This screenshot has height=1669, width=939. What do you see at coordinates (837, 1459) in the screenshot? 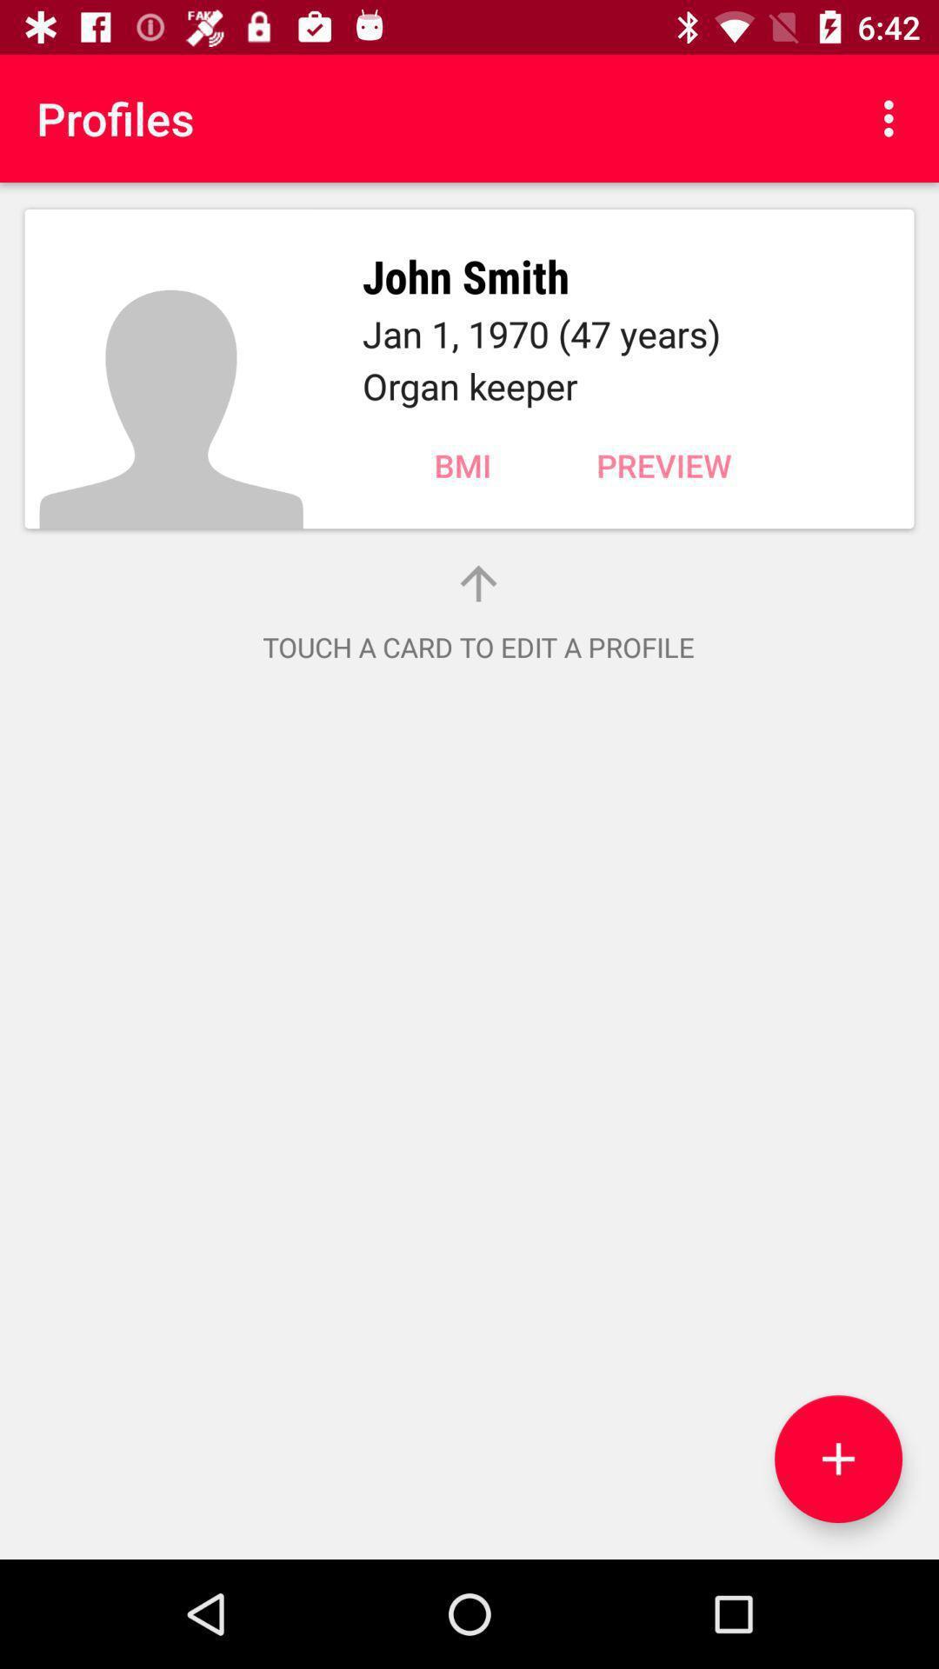
I see `the add icon` at bounding box center [837, 1459].